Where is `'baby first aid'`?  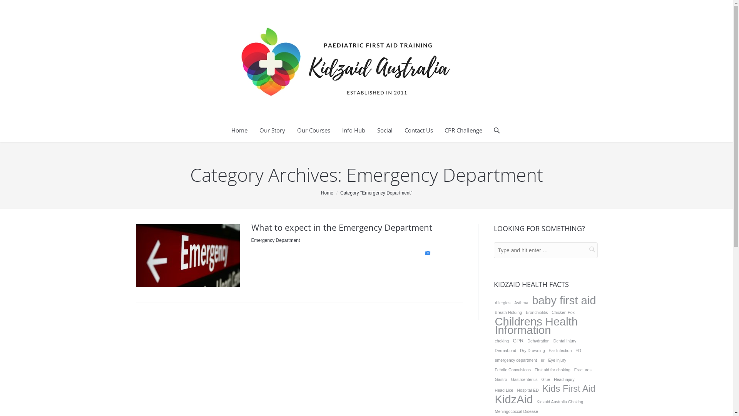
'baby first aid' is located at coordinates (563, 300).